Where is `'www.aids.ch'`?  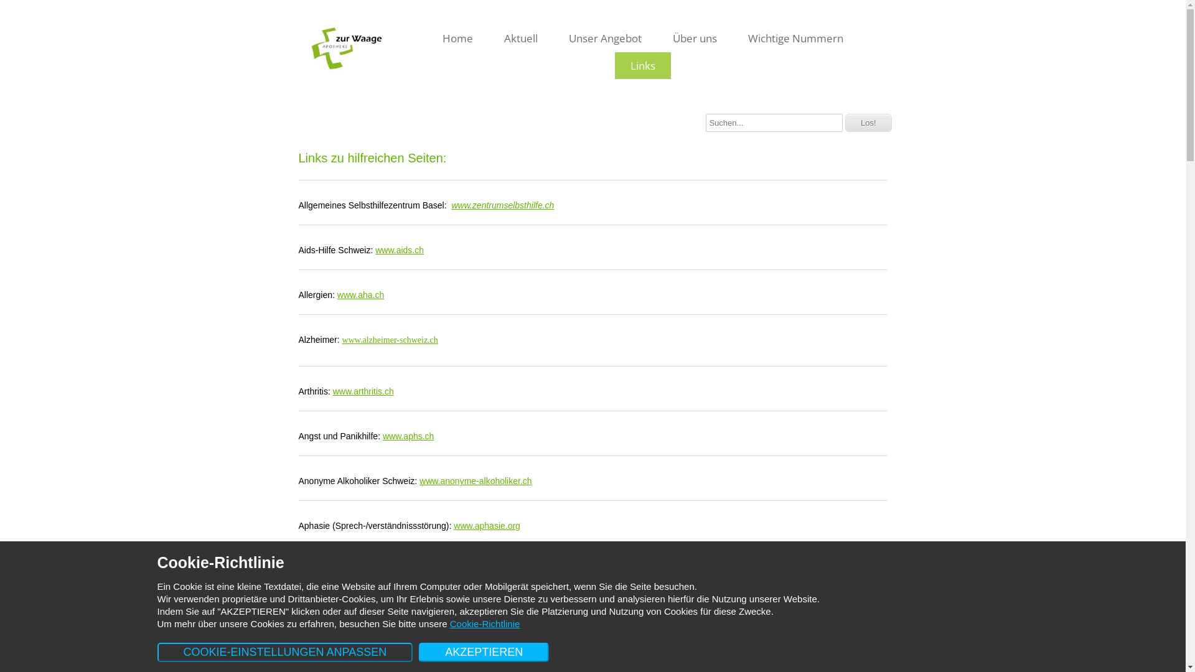
'www.aids.ch' is located at coordinates (400, 250).